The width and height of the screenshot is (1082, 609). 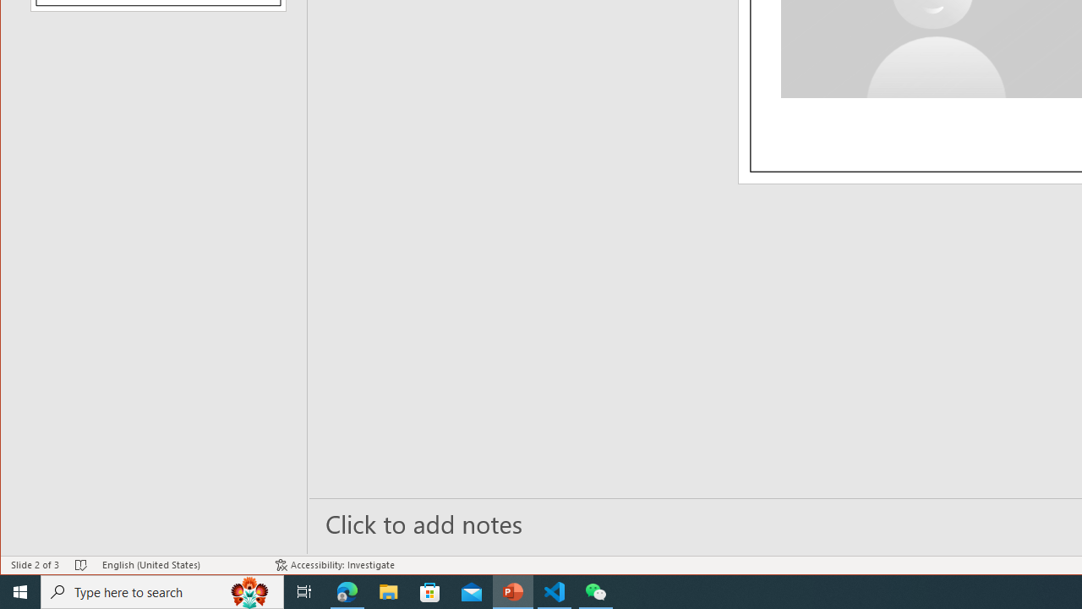 What do you see at coordinates (512, 590) in the screenshot?
I see `'PowerPoint - 1 running window'` at bounding box center [512, 590].